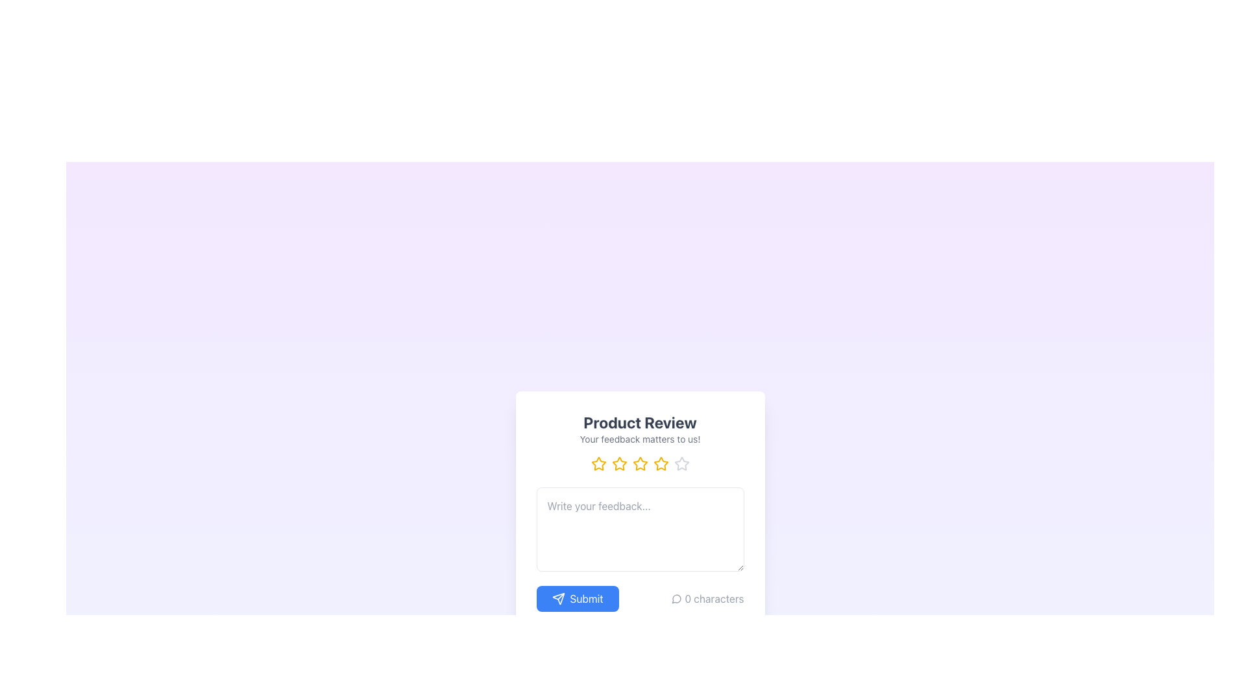 Image resolution: width=1246 pixels, height=700 pixels. What do you see at coordinates (640, 429) in the screenshot?
I see `the title and subtitle text block located at the top section of the product review card to engage users for feedback` at bounding box center [640, 429].